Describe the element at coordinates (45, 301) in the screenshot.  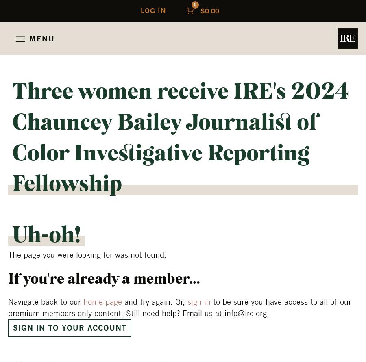
I see `'Navigate back to our'` at that location.